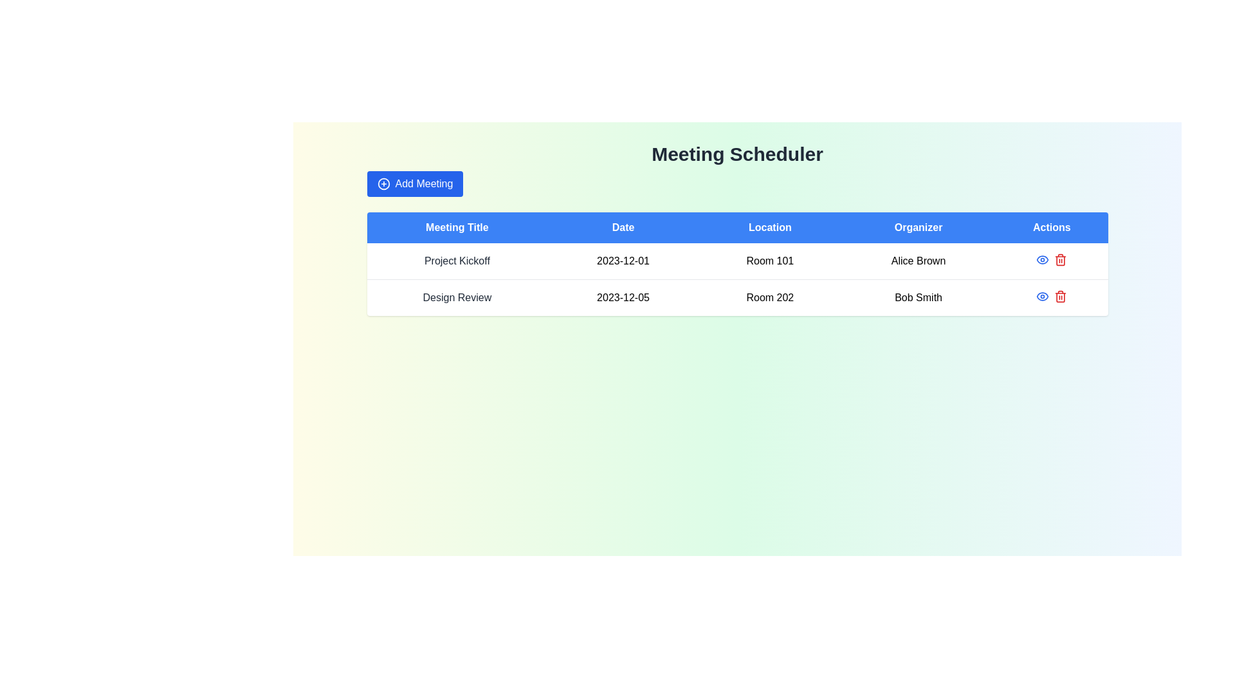 This screenshot has width=1235, height=695. I want to click on the static text element that serves as the title or label for a meeting entry in the 'Meeting Scheduler' table interface, so click(457, 297).